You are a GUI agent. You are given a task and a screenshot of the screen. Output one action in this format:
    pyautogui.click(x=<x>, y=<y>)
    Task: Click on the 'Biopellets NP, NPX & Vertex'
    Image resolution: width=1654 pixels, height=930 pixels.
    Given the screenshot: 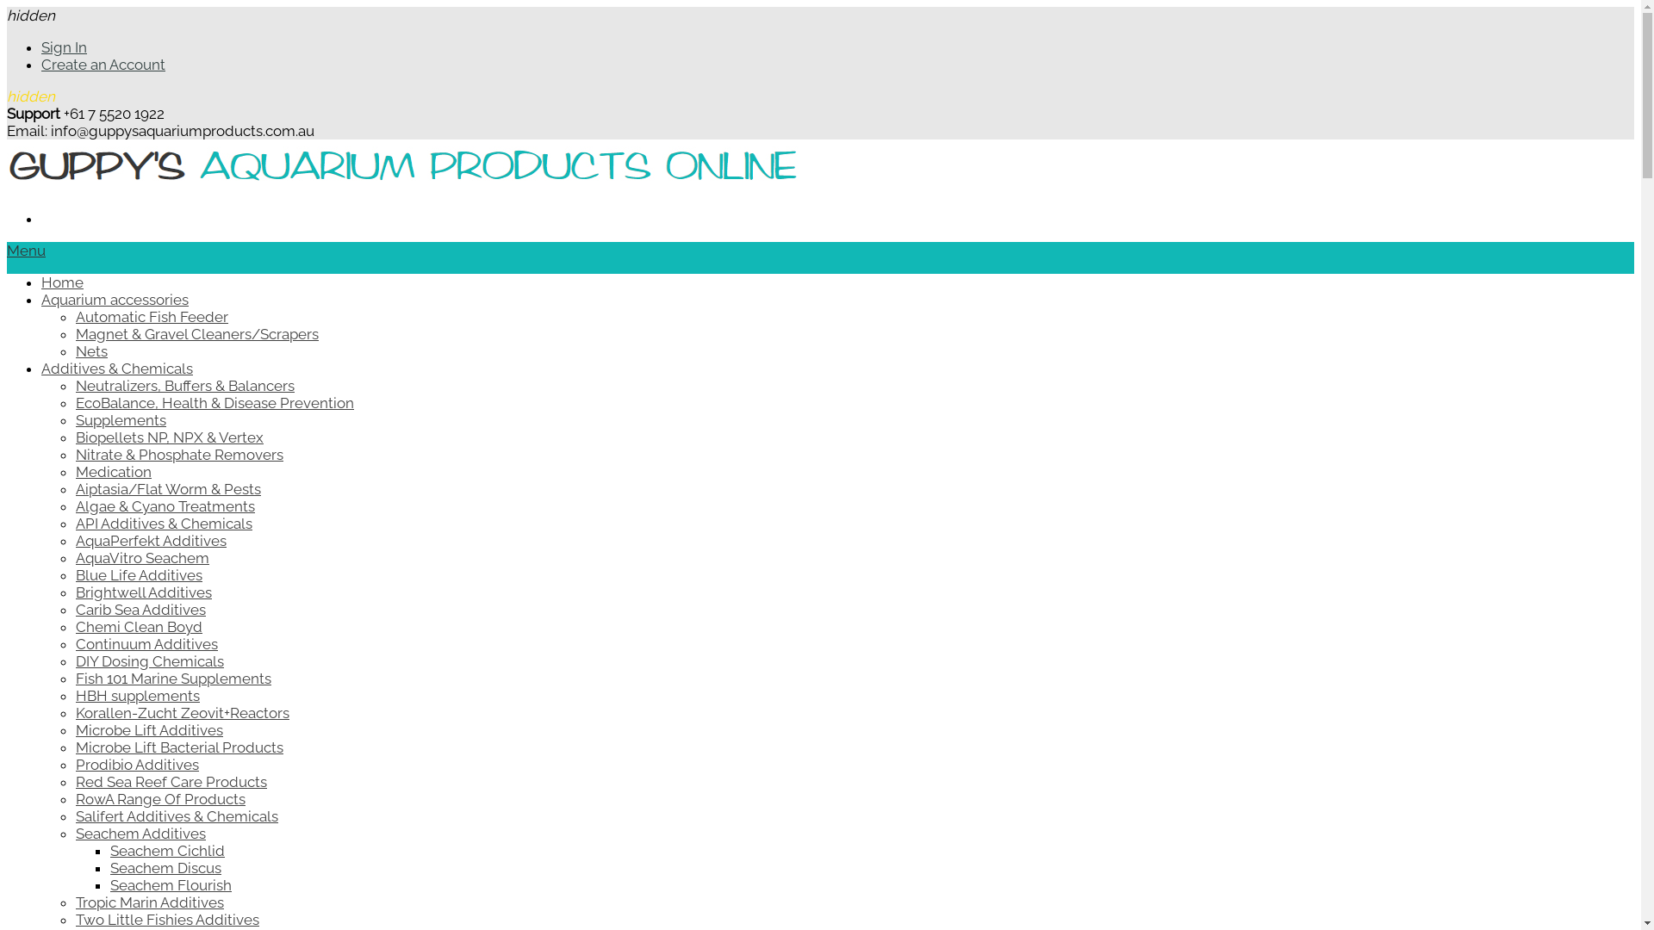 What is the action you would take?
    pyautogui.click(x=74, y=437)
    